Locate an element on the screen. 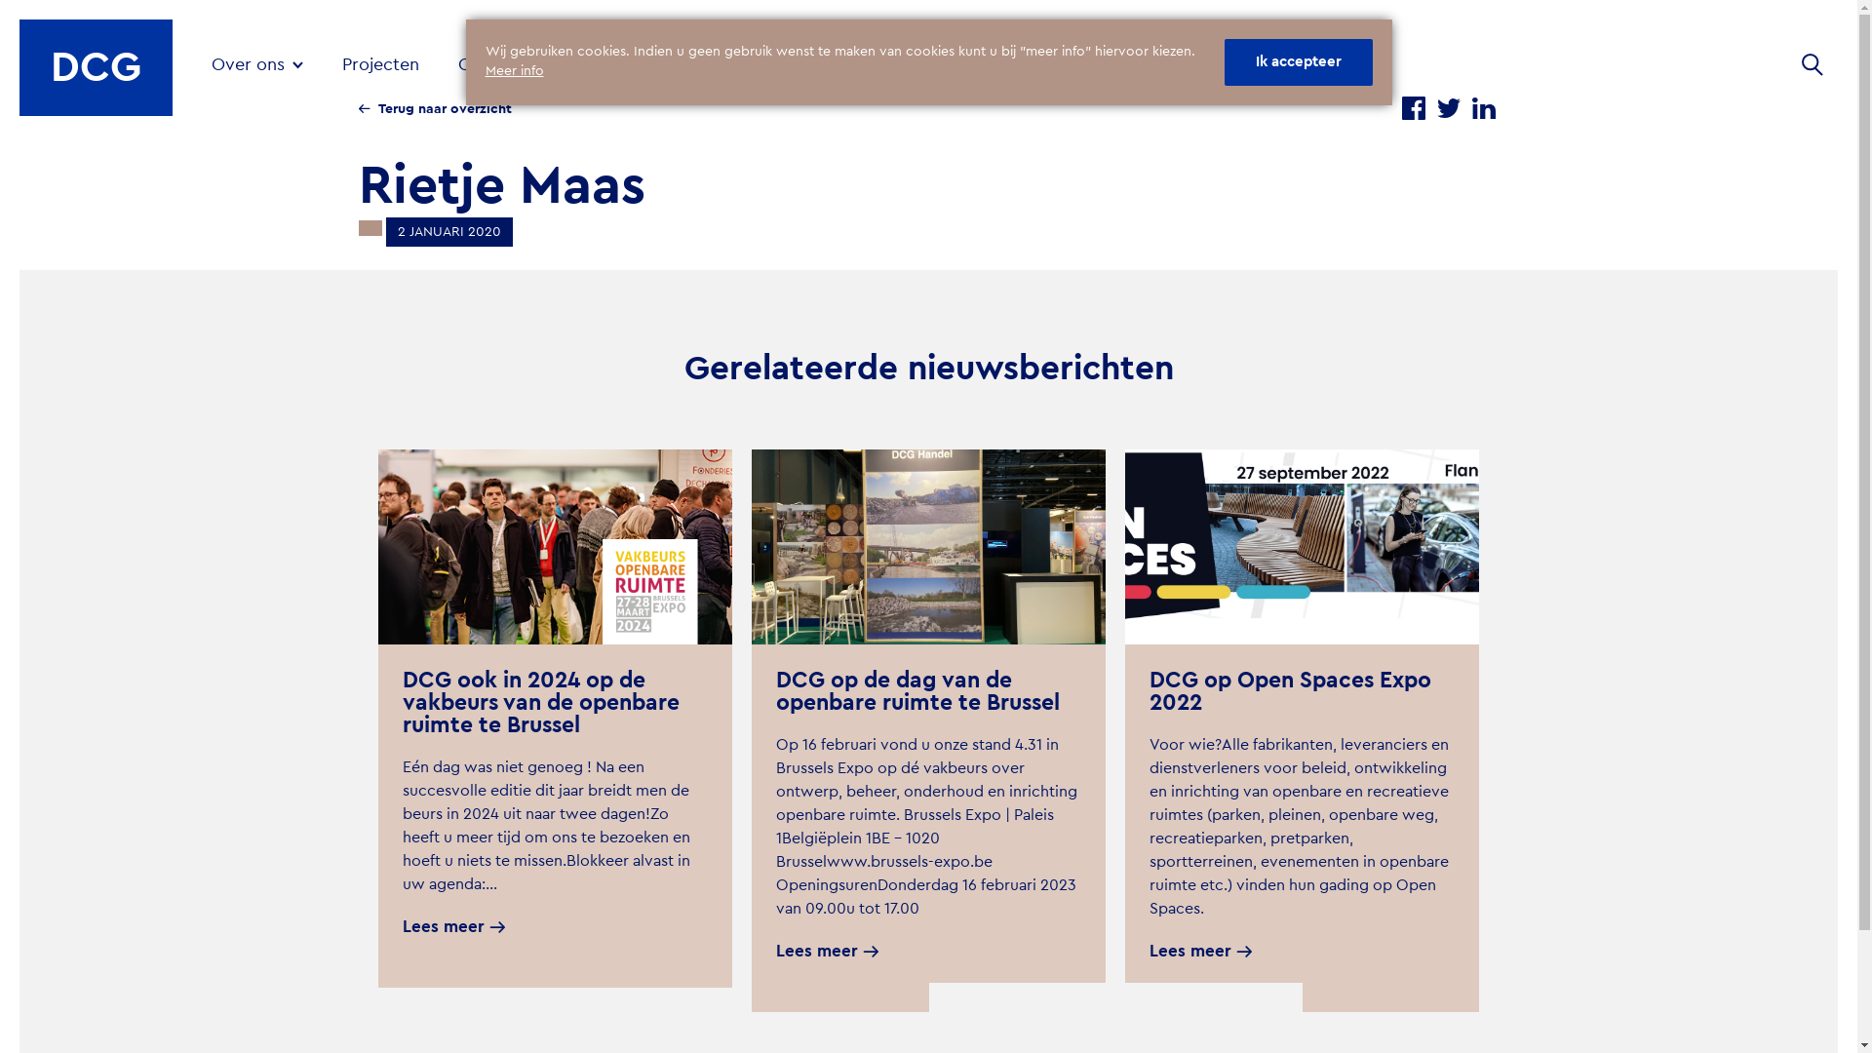 This screenshot has width=1872, height=1053. 'Contact' is located at coordinates (743, 62).